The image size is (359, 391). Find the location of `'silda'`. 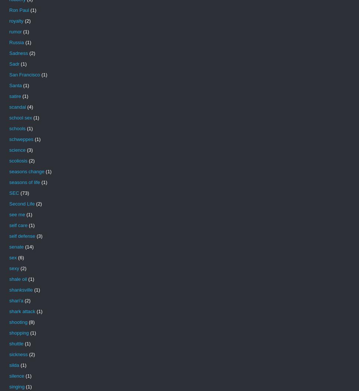

'silda' is located at coordinates (9, 365).